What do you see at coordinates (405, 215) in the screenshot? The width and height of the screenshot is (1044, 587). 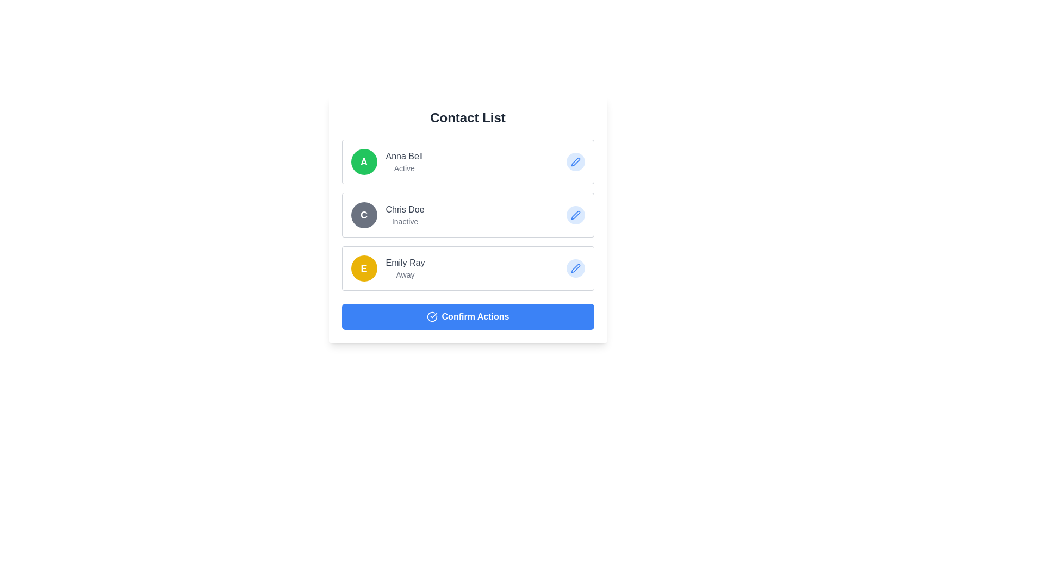 I see `the text label displaying the contact's name and current status, which is positioned to the right of the circular avatar with the letter 'C'` at bounding box center [405, 215].